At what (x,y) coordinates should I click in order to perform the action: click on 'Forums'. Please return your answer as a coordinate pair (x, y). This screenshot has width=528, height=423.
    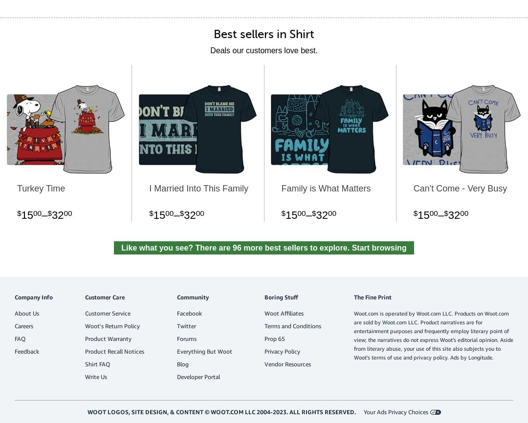
    Looking at the image, I should click on (186, 338).